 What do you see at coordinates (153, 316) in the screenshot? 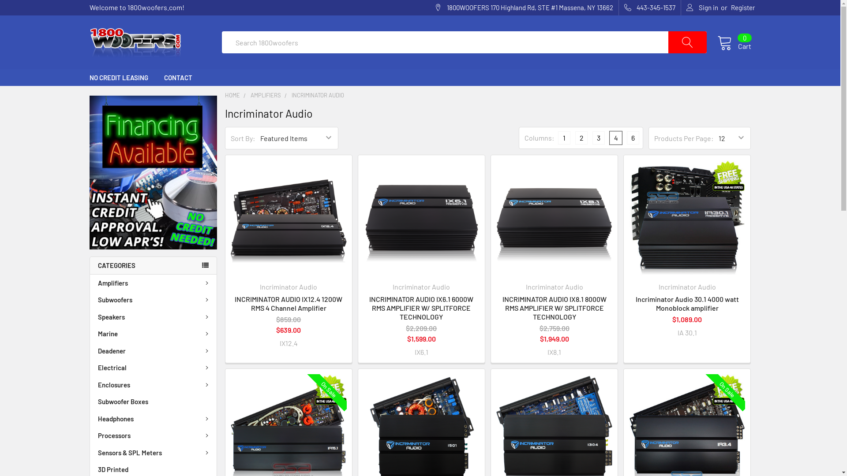
I see `'Speakers'` at bounding box center [153, 316].